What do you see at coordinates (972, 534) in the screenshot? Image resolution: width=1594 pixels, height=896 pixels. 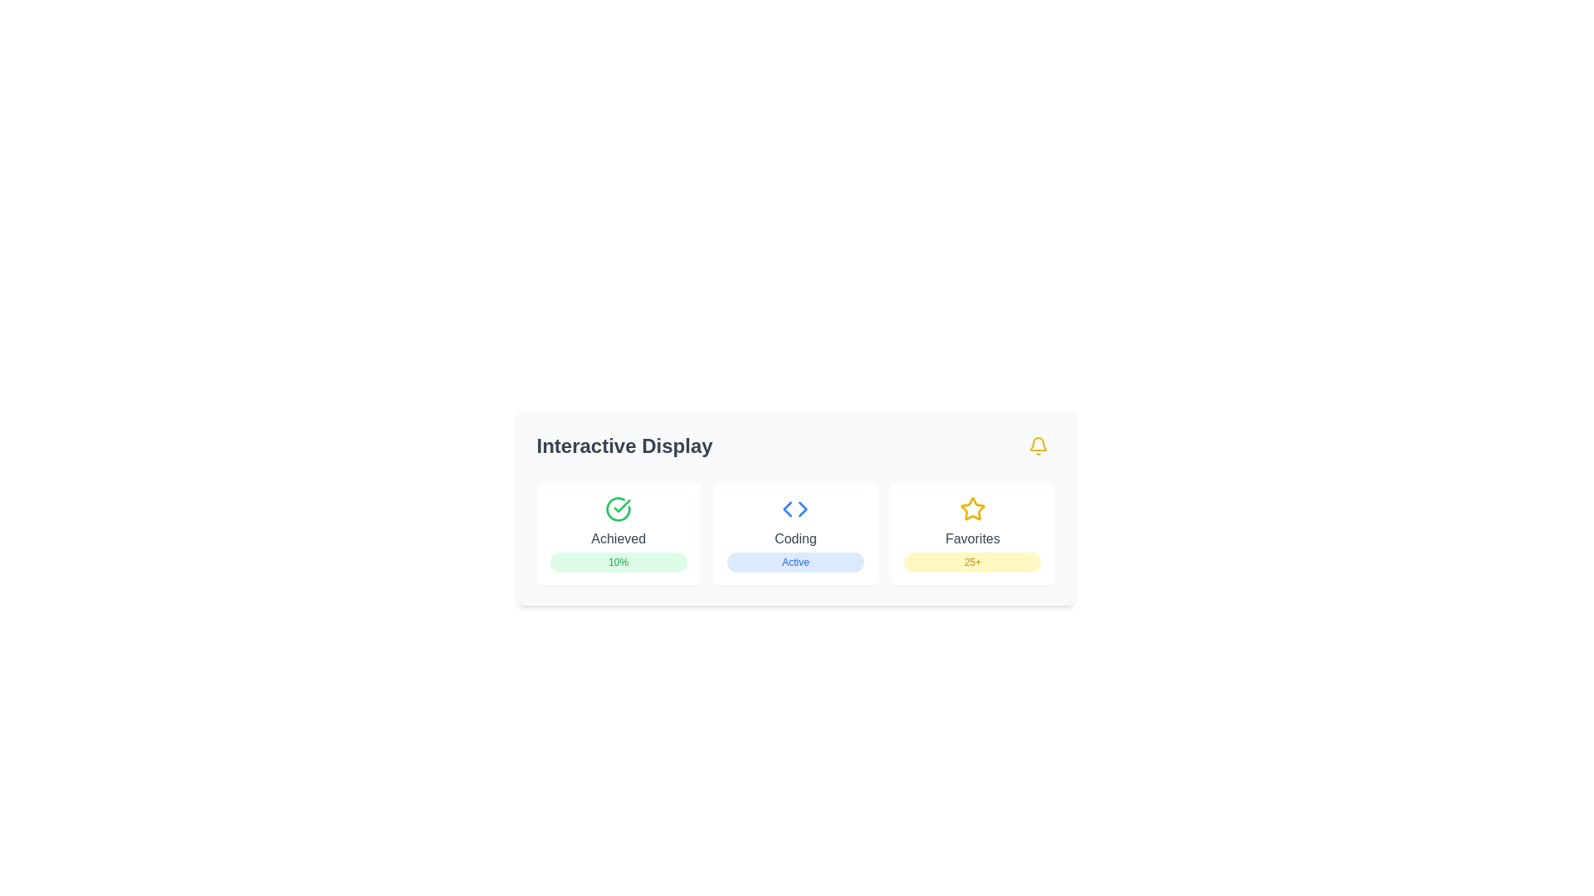 I see `the Information Card element that has a yellow star icon at the top, the text 'Favorites' in gray below it` at bounding box center [972, 534].